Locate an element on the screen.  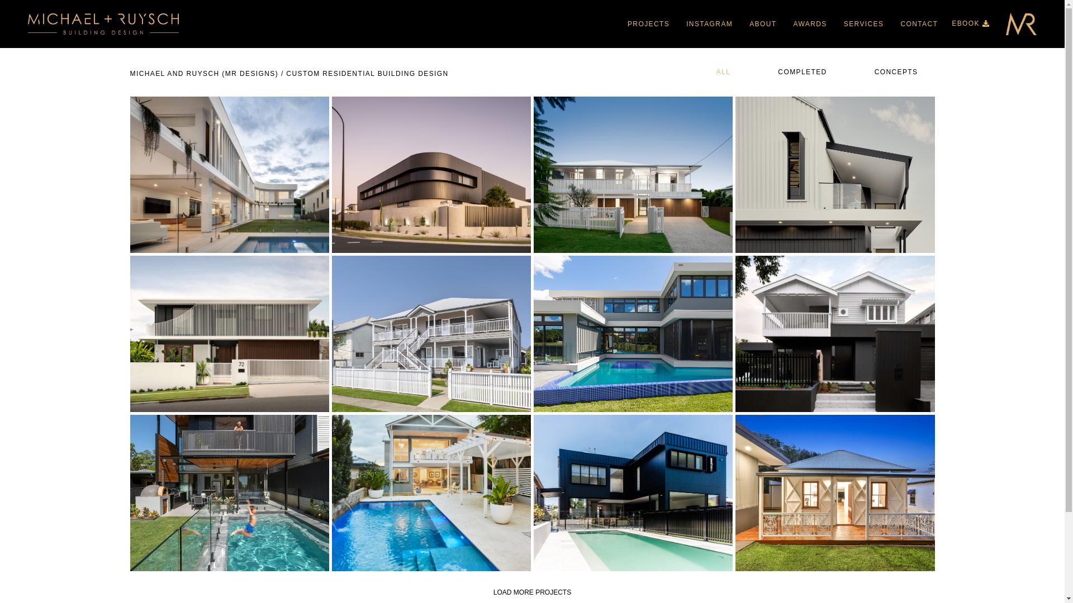
'SERVICES' is located at coordinates (835, 23).